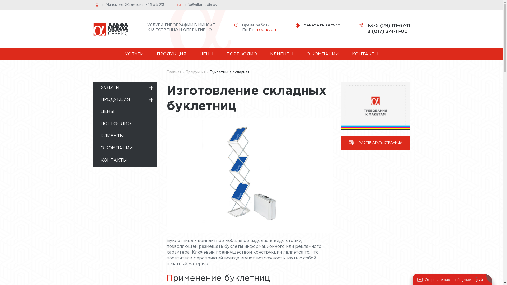 The width and height of the screenshot is (507, 285). What do you see at coordinates (388, 26) in the screenshot?
I see `'+375 (29) 111-67-11'` at bounding box center [388, 26].